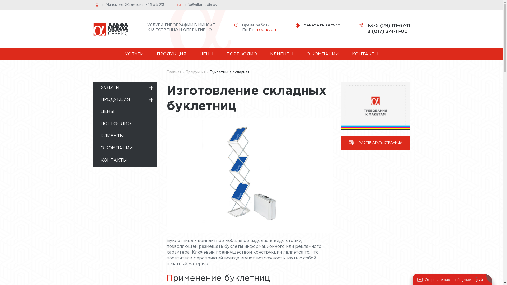 The width and height of the screenshot is (507, 285). What do you see at coordinates (388, 26) in the screenshot?
I see `'+375 (29) 111-67-11'` at bounding box center [388, 26].